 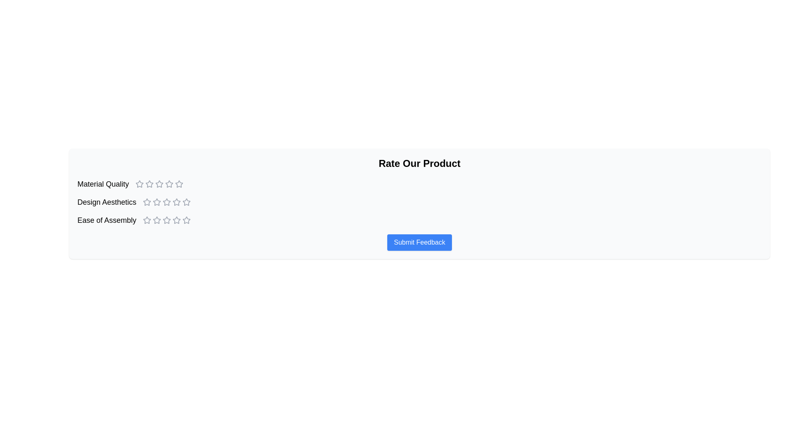 What do you see at coordinates (157, 220) in the screenshot?
I see `the third star in the third row of the star rating group` at bounding box center [157, 220].